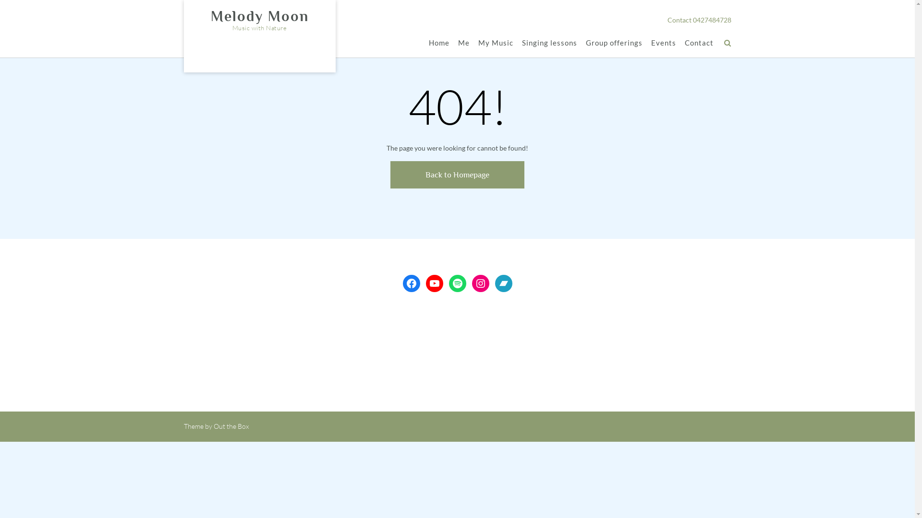 Image resolution: width=922 pixels, height=518 pixels. Describe the element at coordinates (480, 283) in the screenshot. I see `'Instagram'` at that location.